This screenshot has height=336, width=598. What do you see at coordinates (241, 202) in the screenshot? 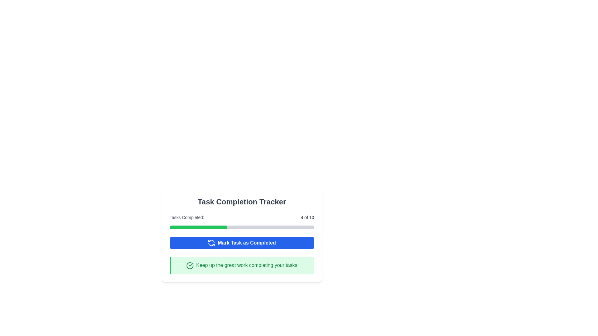
I see `the section header text element that introduces and labels the content pertaining to tracking task completion` at bounding box center [241, 202].